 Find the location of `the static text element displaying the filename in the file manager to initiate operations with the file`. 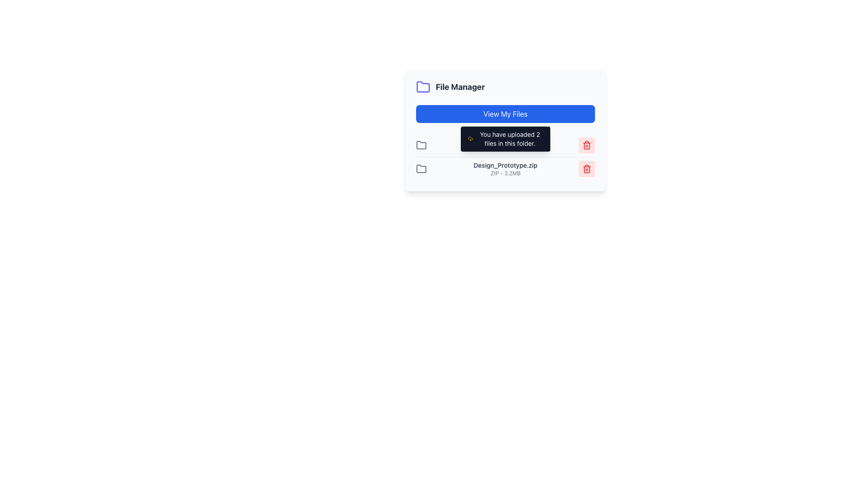

the static text element displaying the filename in the file manager to initiate operations with the file is located at coordinates (505, 169).